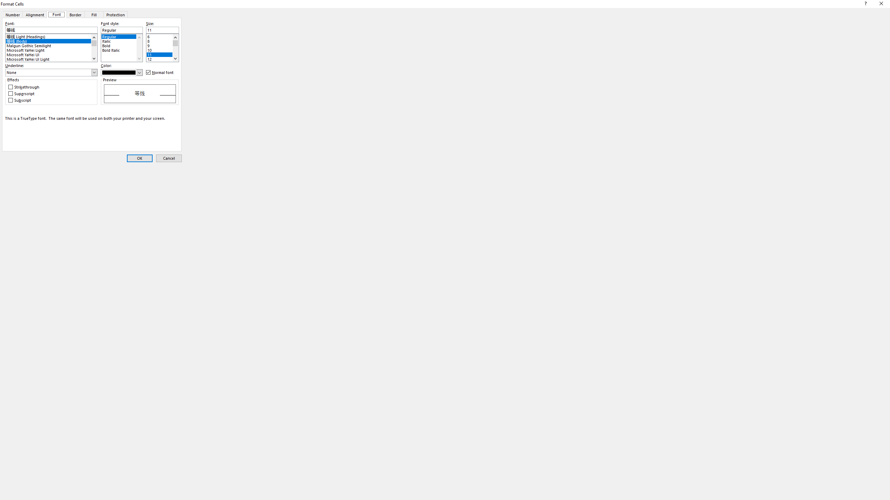  I want to click on 'Italic', so click(122, 40).